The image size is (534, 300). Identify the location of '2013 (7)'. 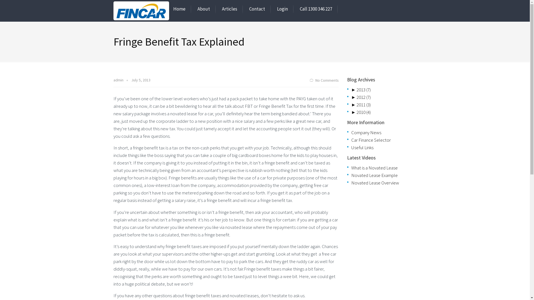
(356, 89).